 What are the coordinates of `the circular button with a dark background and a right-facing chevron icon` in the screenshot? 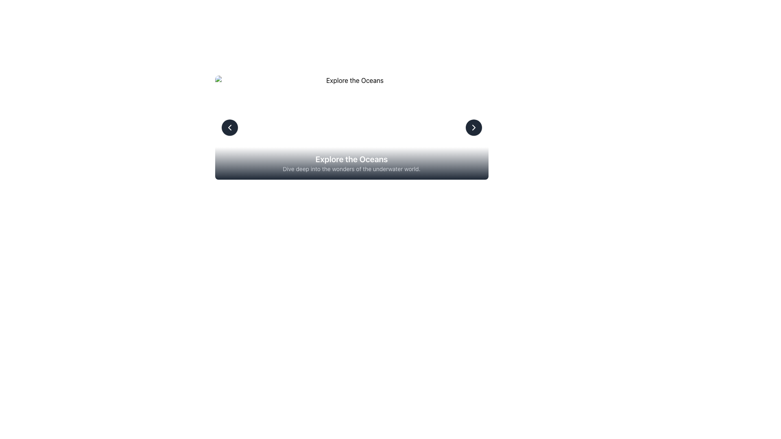 It's located at (473, 127).